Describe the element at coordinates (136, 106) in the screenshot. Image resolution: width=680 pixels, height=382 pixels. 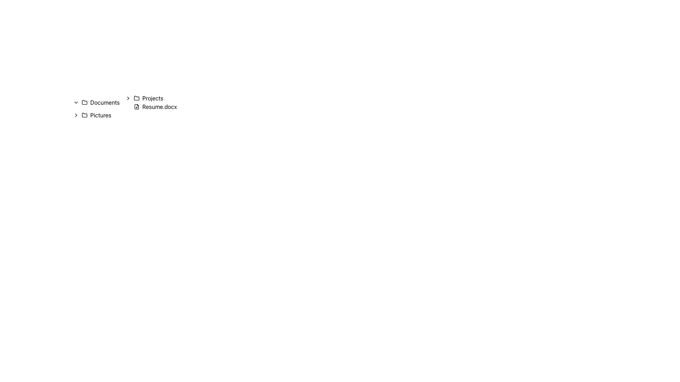
I see `the small document icon with a plus sign, which is located to the left of the text 'Resume.docx' within the 'Projects' list` at that location.